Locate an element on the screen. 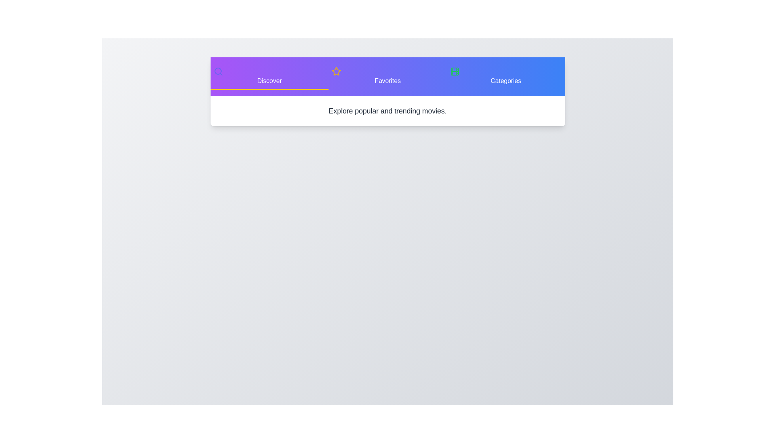 This screenshot has height=427, width=760. the tab button labeled Categories to switch to that tab is located at coordinates (505, 76).